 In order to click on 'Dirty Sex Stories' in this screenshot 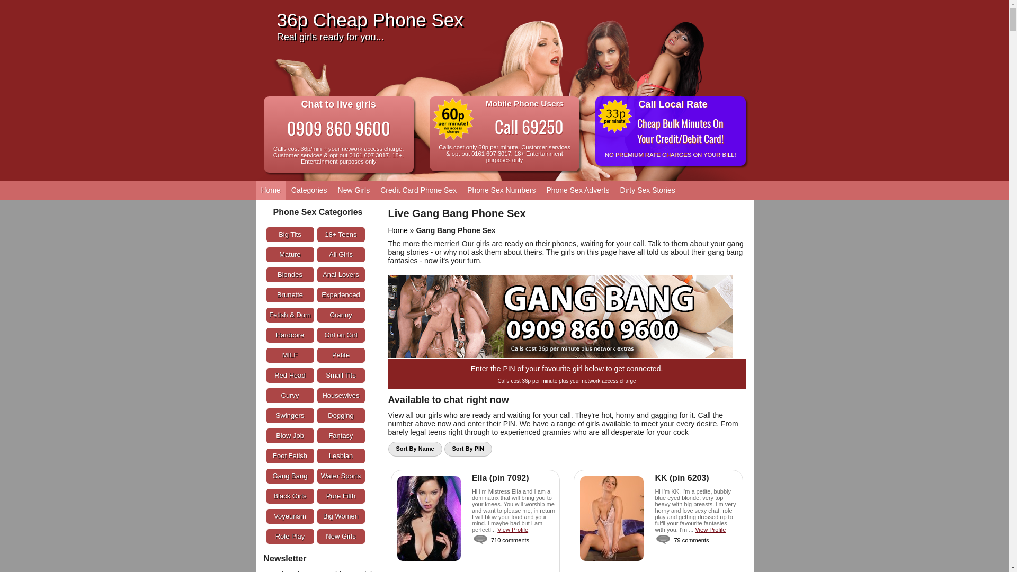, I will do `click(647, 189)`.